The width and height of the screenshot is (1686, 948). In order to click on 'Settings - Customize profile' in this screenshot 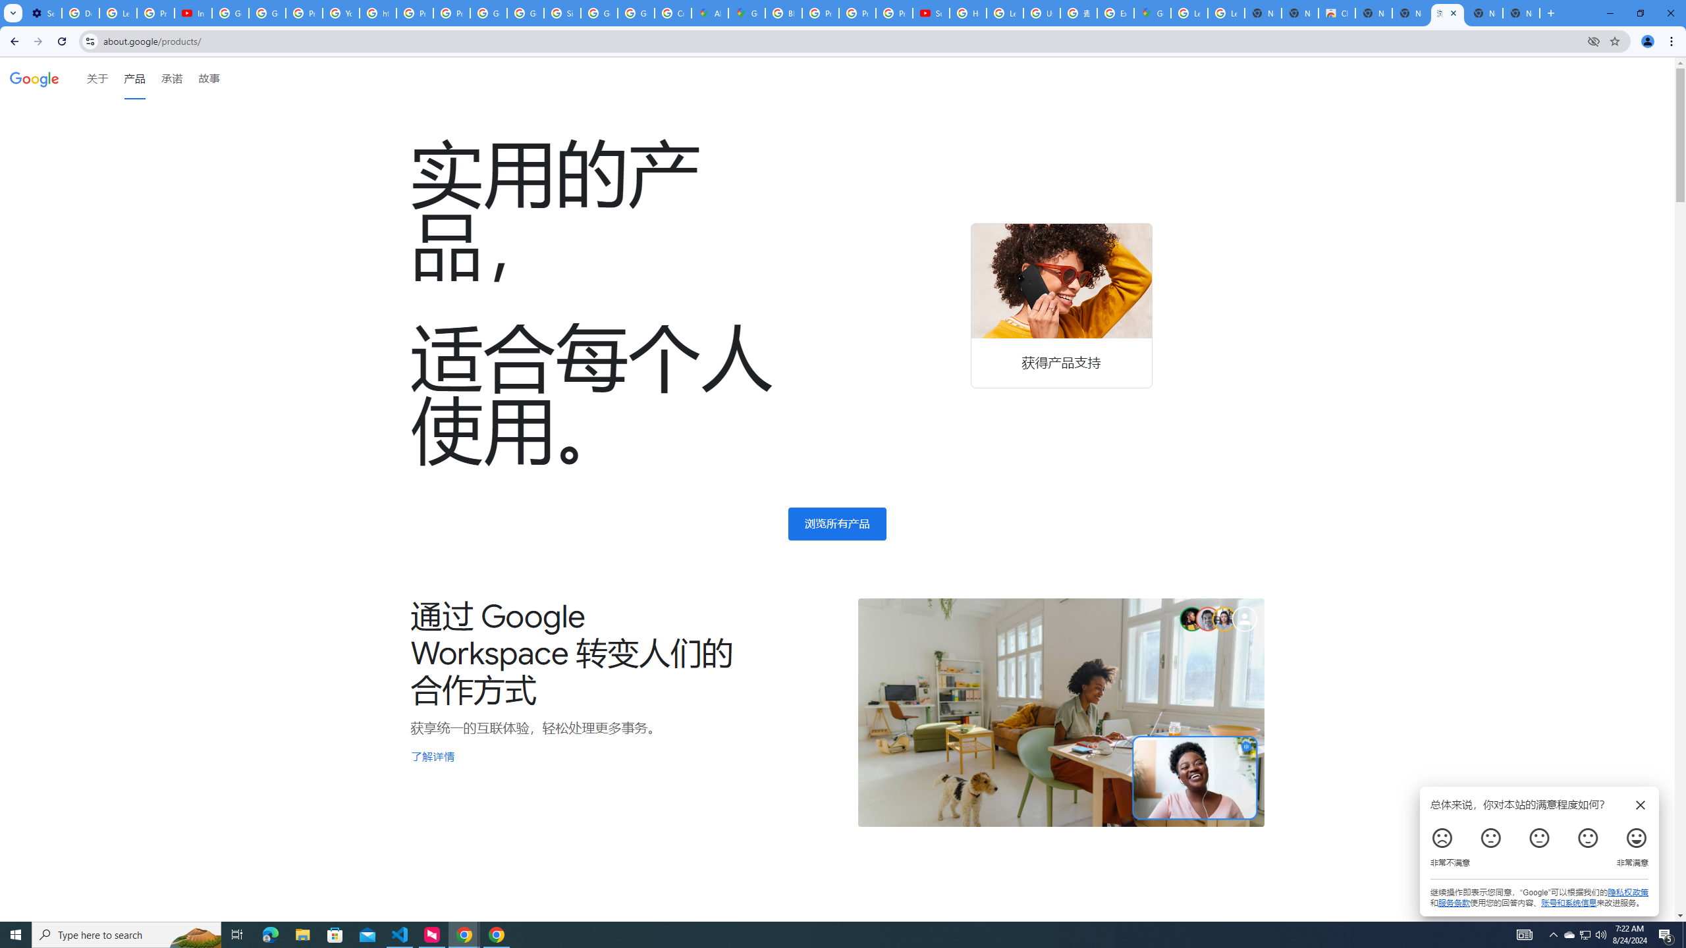, I will do `click(43, 13)`.